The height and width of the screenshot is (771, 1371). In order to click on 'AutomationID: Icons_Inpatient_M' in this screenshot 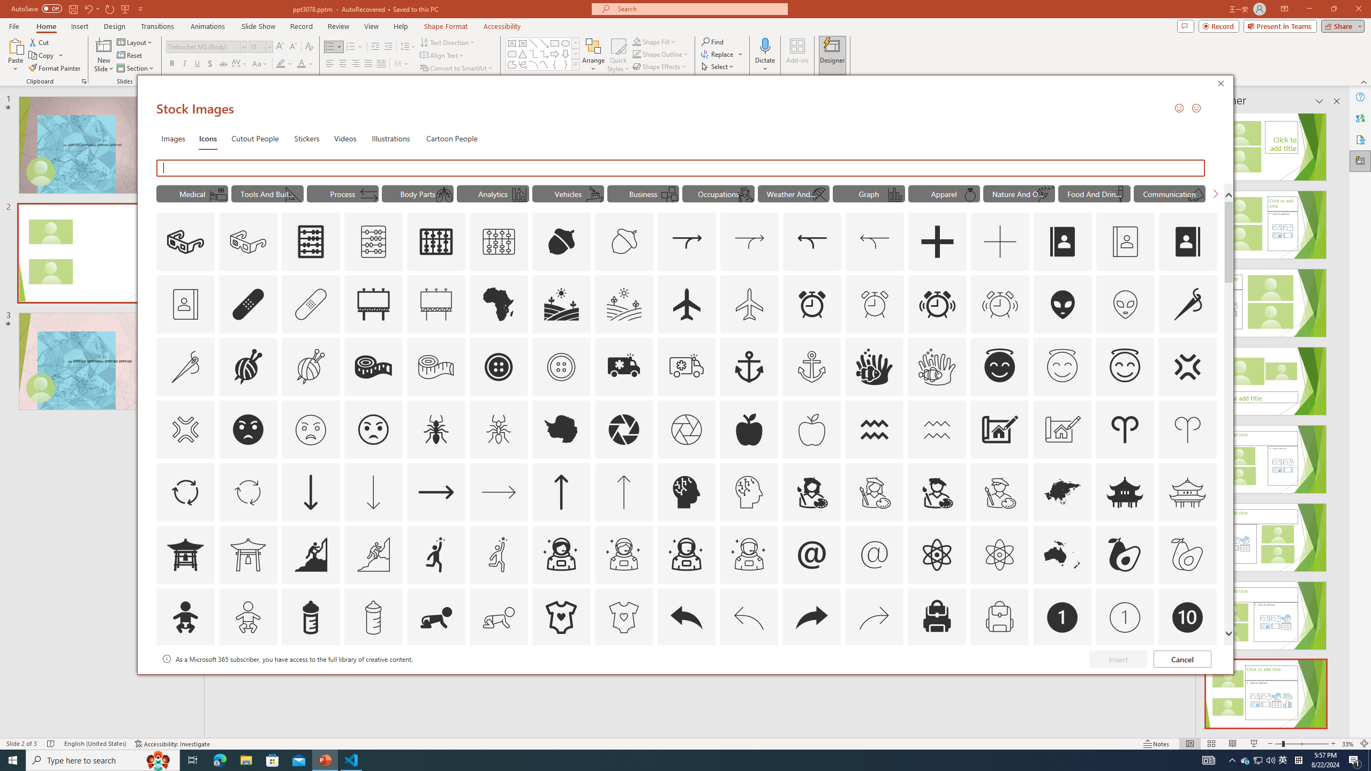, I will do `click(218, 194)`.